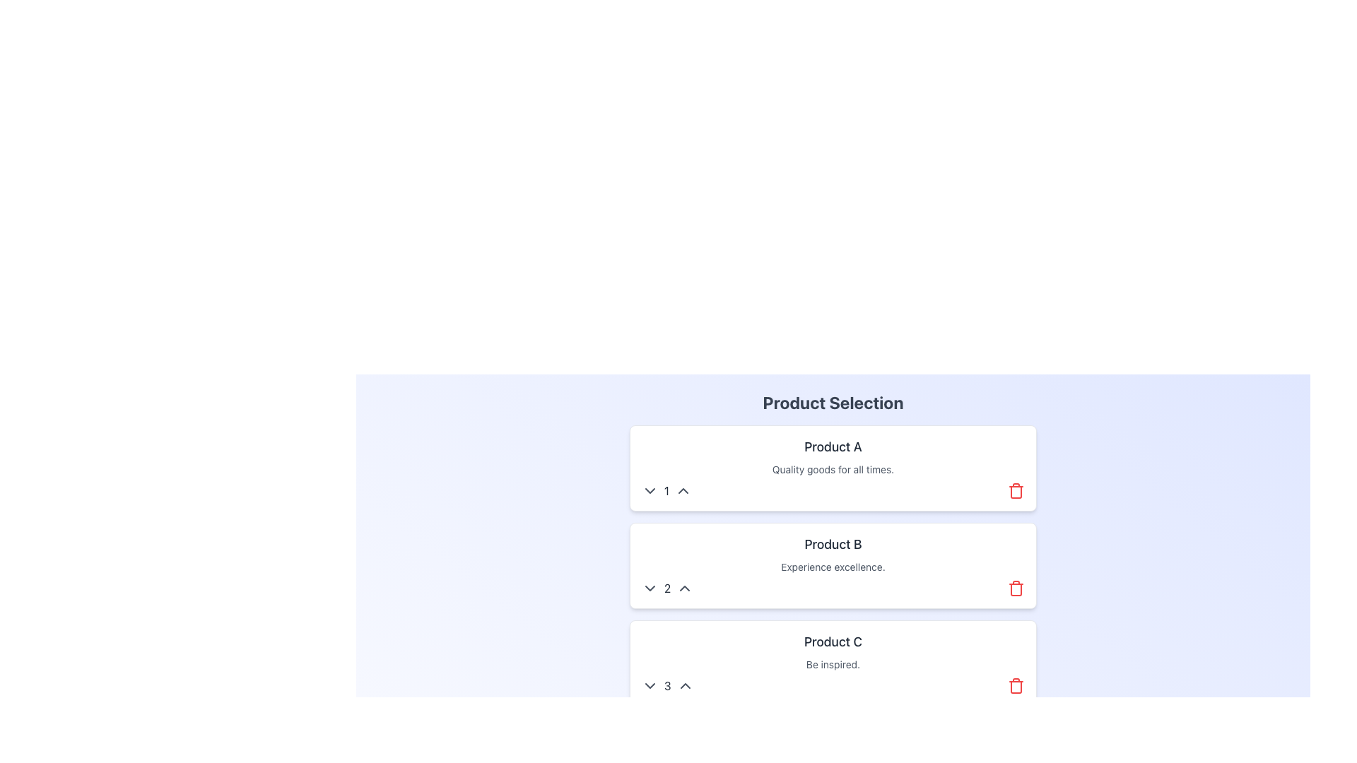 This screenshot has height=763, width=1357. What do you see at coordinates (1016, 588) in the screenshot?
I see `the delete button located to the far-right in the component row for Product B` at bounding box center [1016, 588].